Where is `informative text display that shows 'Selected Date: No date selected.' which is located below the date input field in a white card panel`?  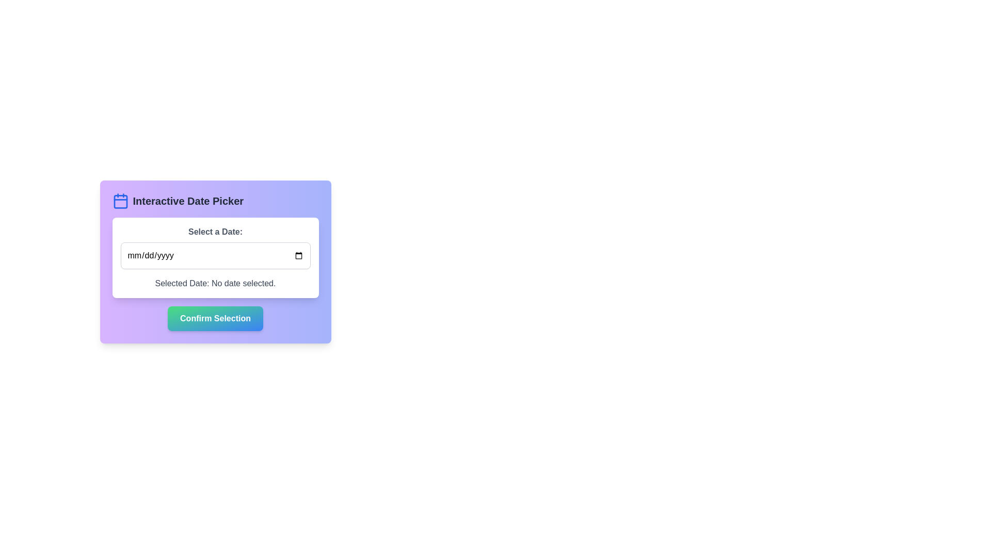
informative text display that shows 'Selected Date: No date selected.' which is located below the date input field in a white card panel is located at coordinates (215, 284).